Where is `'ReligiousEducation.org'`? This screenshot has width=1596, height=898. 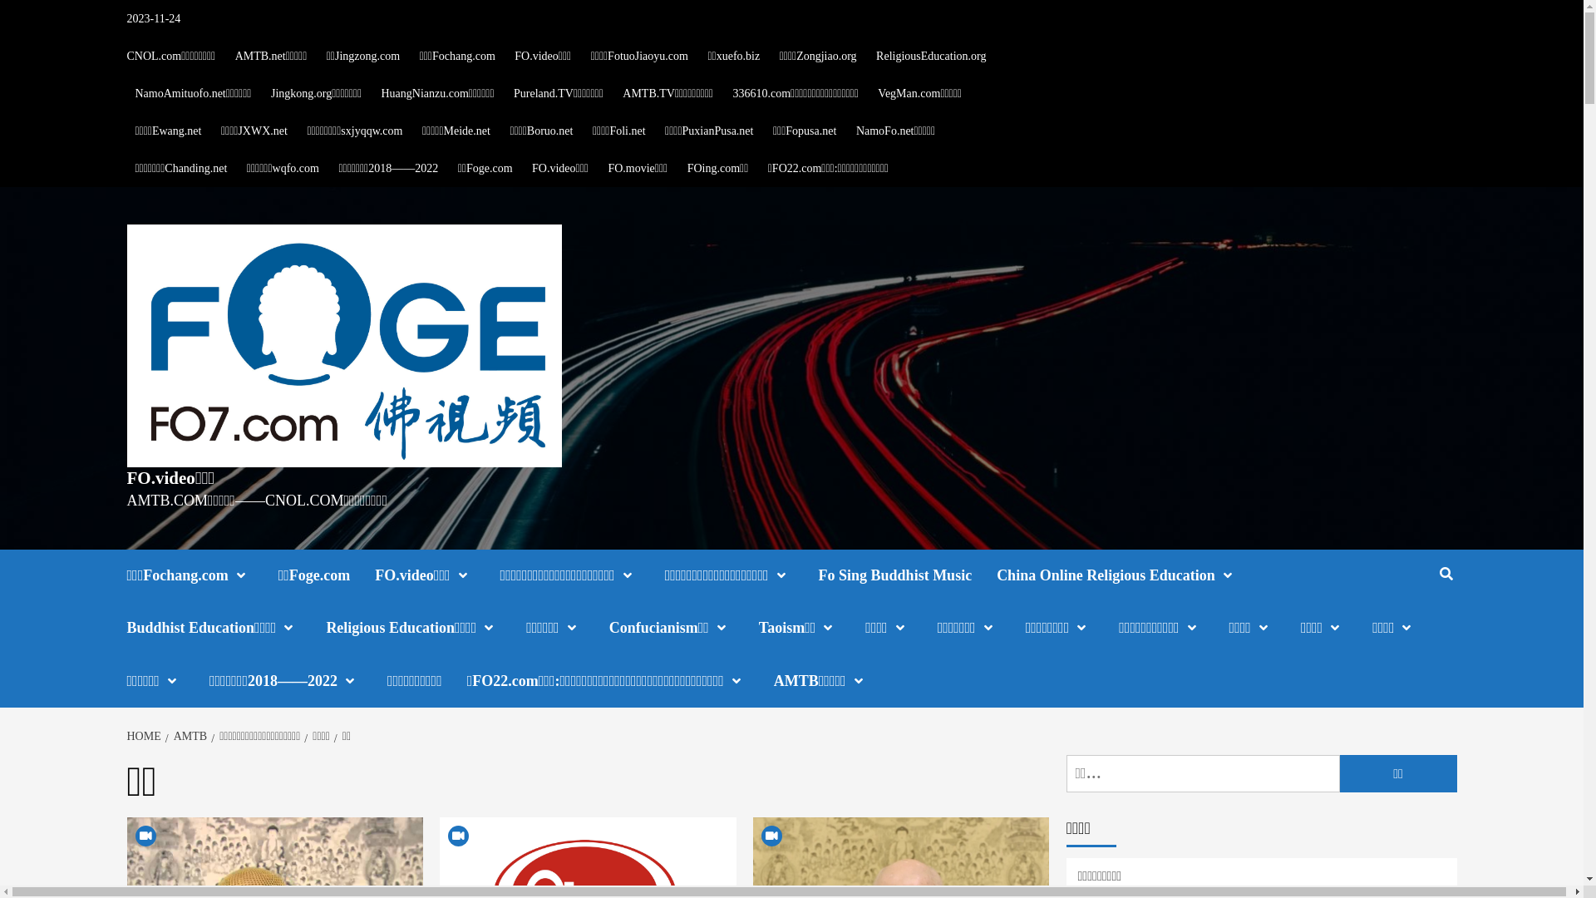
'ReligiousEducation.org' is located at coordinates (866, 55).